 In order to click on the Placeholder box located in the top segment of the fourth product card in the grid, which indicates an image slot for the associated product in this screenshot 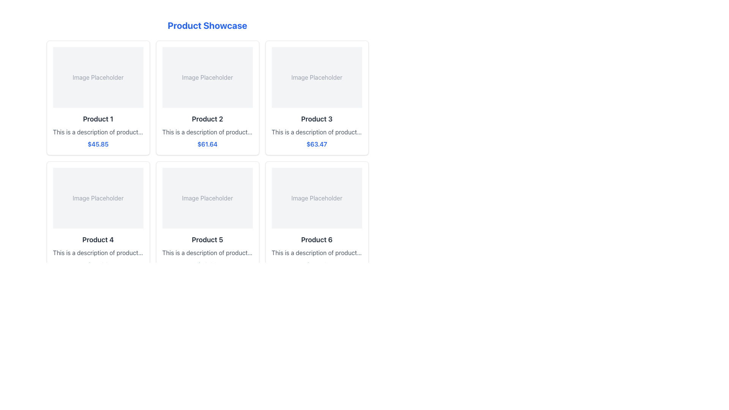, I will do `click(98, 197)`.